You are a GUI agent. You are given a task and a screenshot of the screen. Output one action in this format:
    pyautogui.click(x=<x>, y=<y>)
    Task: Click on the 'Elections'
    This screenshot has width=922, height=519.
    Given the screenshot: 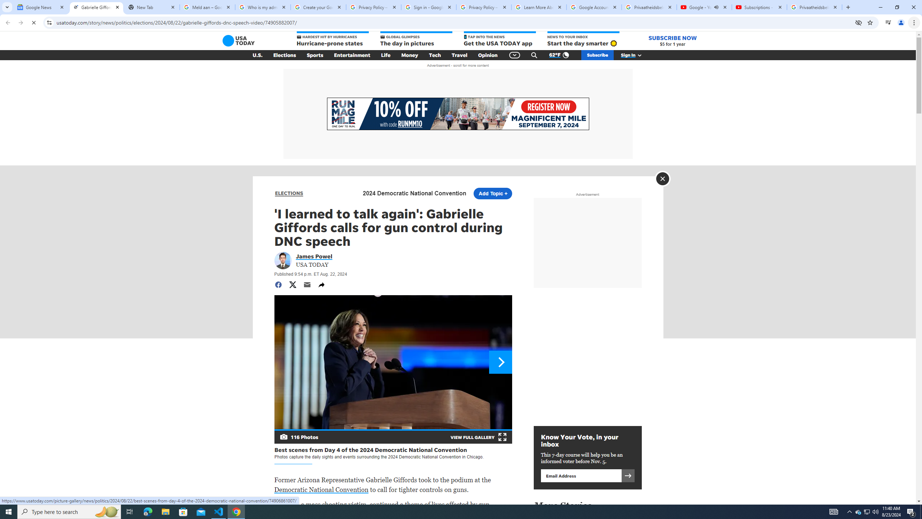 What is the action you would take?
    pyautogui.click(x=284, y=55)
    